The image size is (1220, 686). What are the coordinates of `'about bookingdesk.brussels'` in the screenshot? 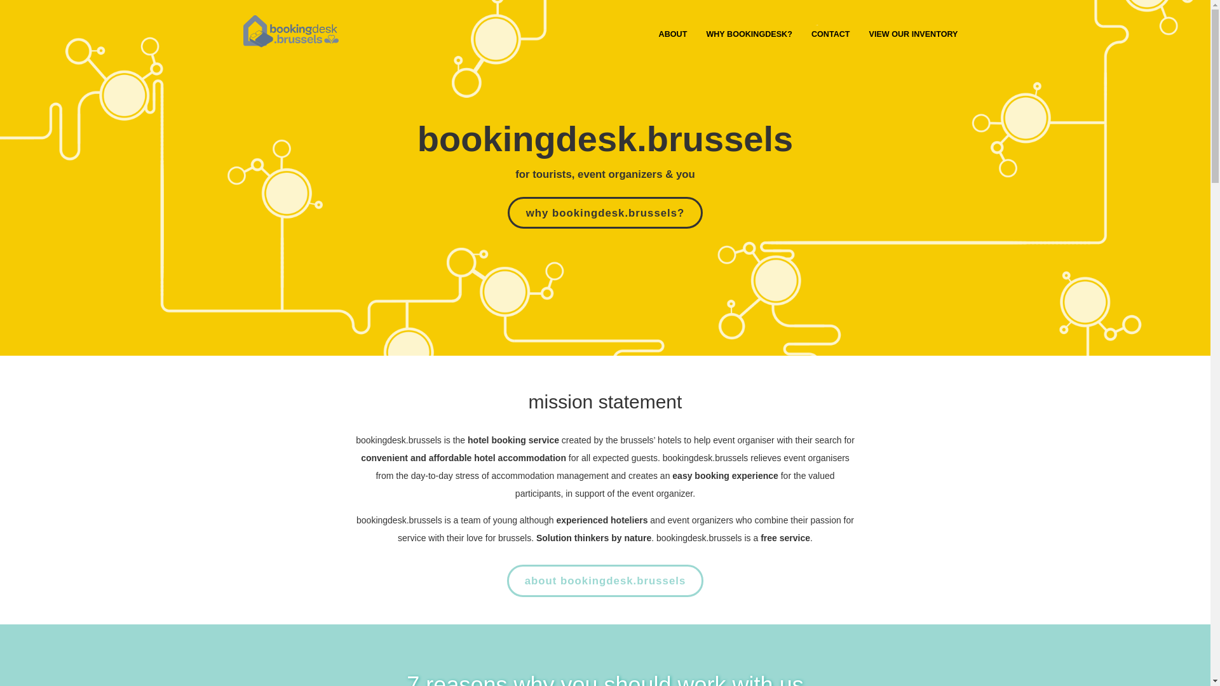 It's located at (605, 581).